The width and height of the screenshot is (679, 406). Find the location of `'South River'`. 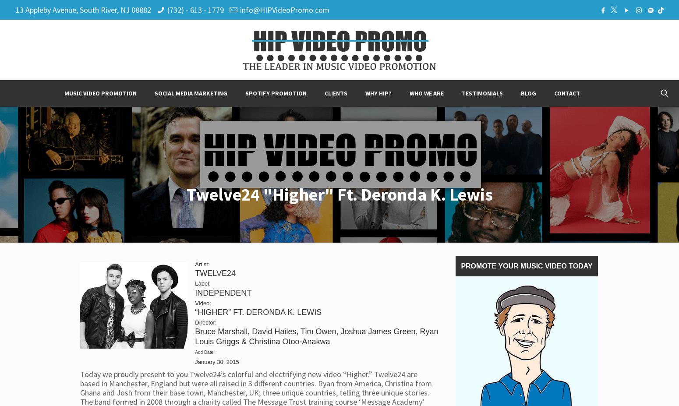

'South River' is located at coordinates (97, 9).